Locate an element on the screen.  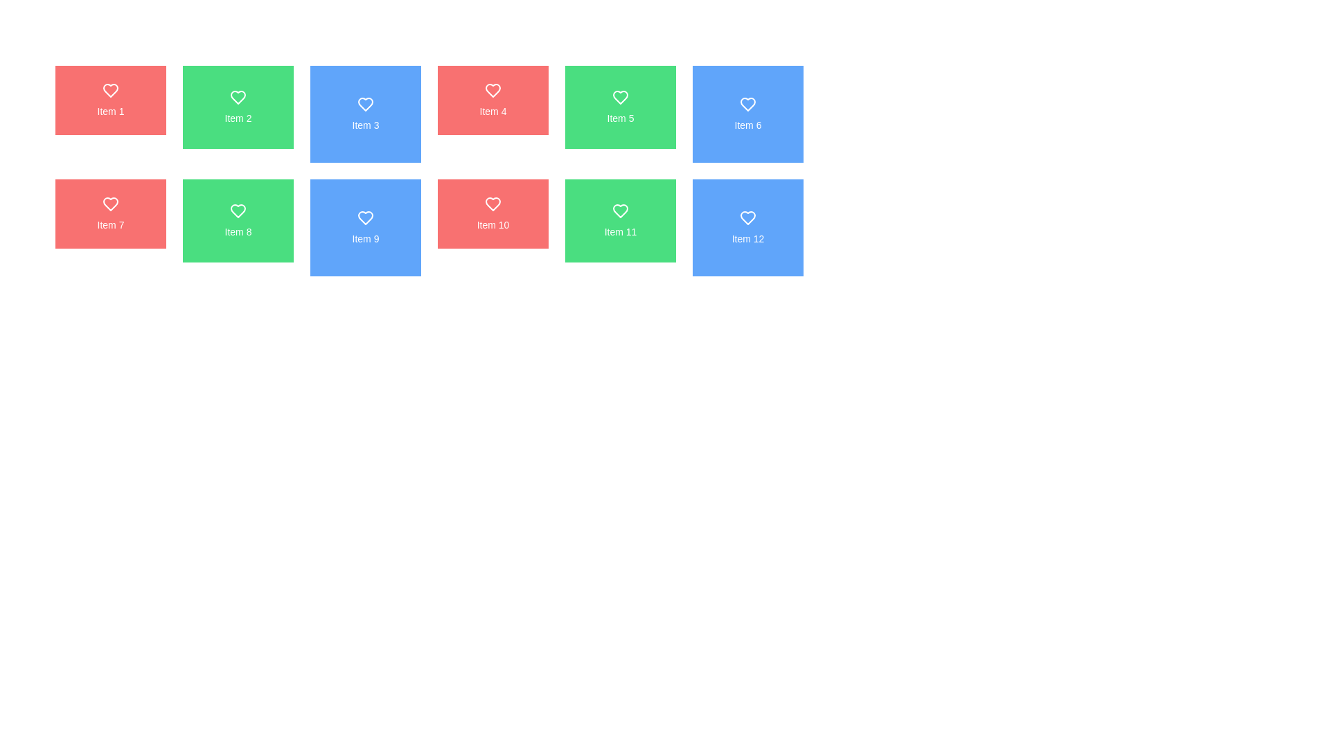
the heart-shaped icon within the blue square labeled 'Item 9' to like or favorite the item is located at coordinates (366, 218).